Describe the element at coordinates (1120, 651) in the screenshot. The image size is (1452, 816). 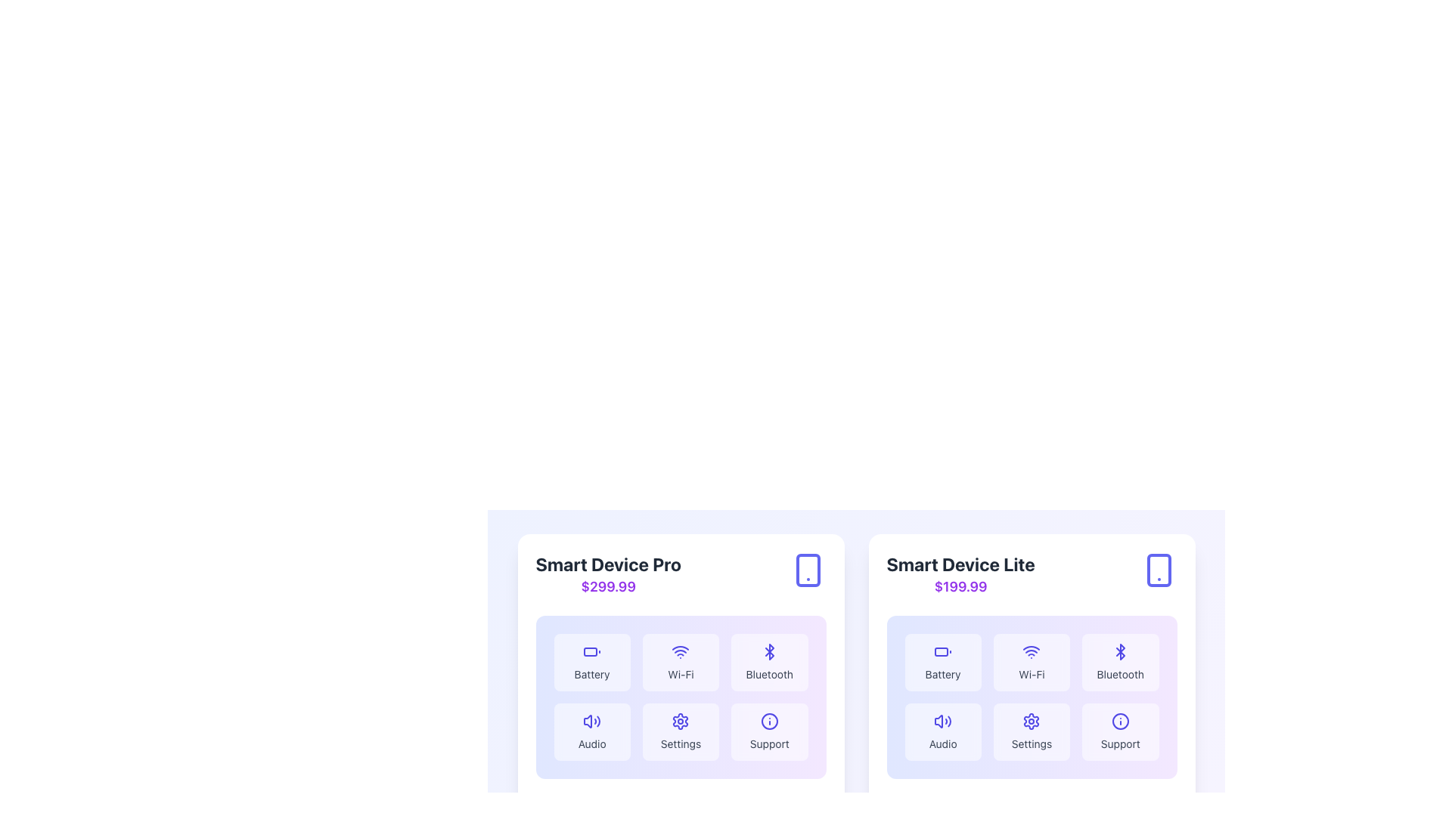
I see `the presence of the Bluetooth icon styled in indigo blue located in the third cell of the grid under the 'Smart Device Lite' card heading` at that location.